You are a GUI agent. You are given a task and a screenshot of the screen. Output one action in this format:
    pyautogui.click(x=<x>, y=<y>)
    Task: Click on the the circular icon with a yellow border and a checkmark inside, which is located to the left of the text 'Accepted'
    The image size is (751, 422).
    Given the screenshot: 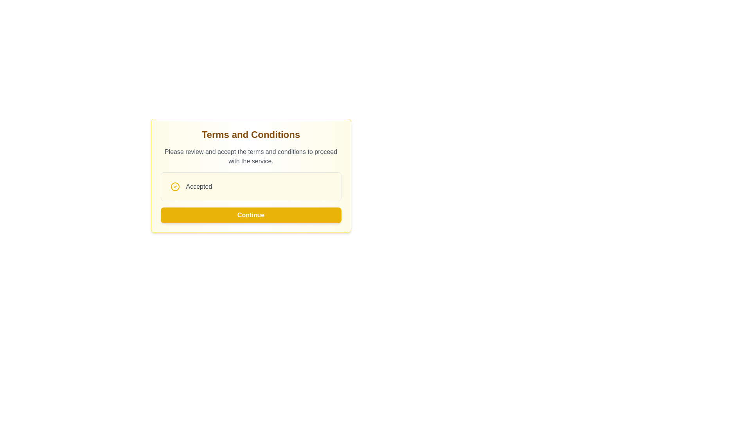 What is the action you would take?
    pyautogui.click(x=174, y=187)
    